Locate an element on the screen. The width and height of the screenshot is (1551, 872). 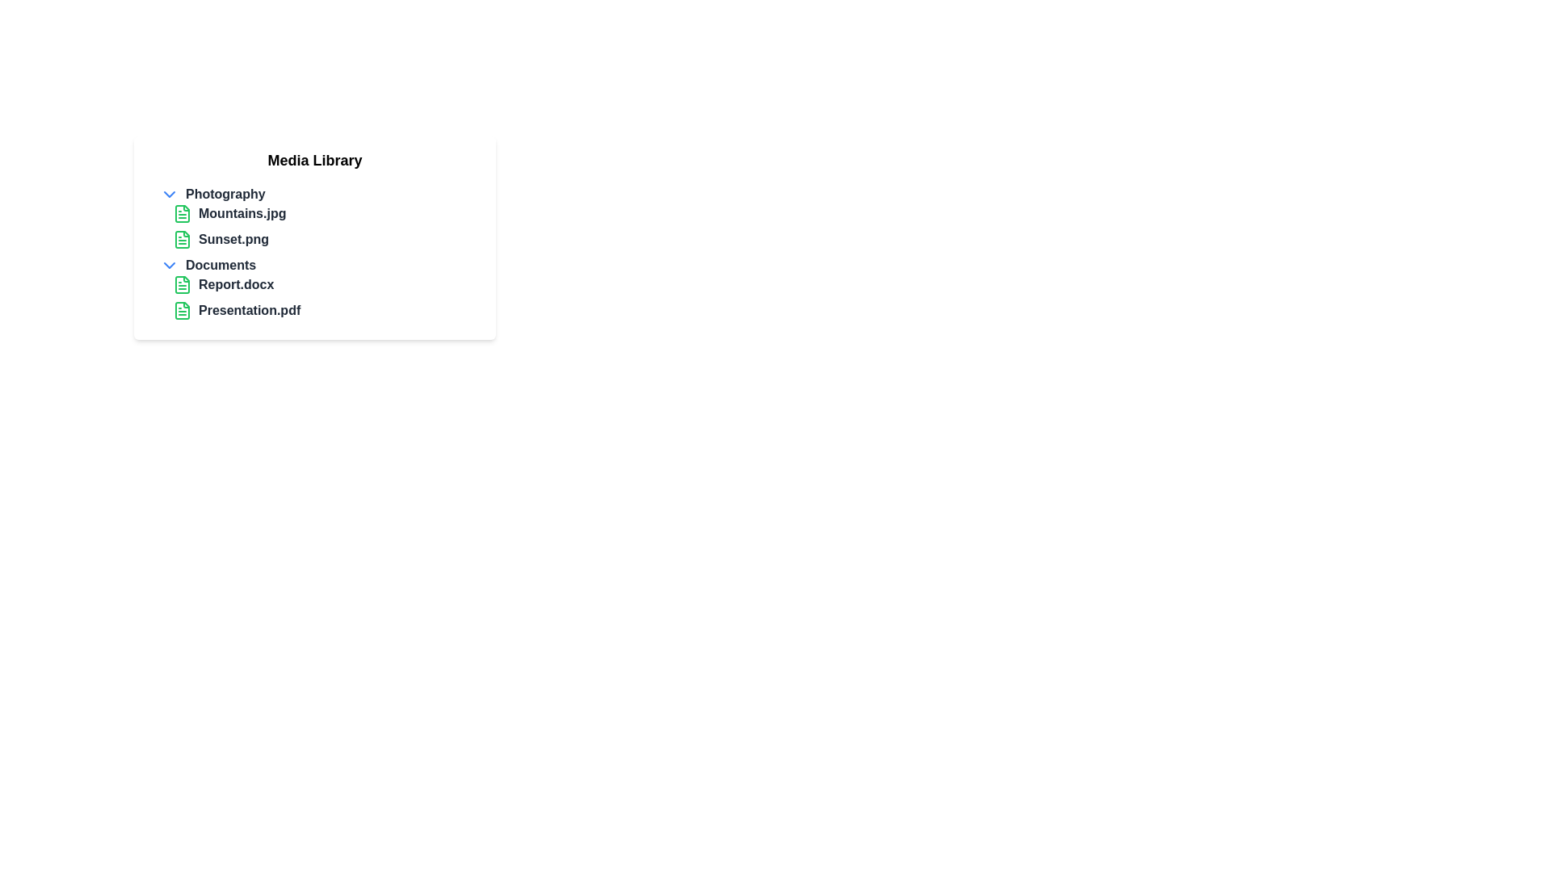
the rectangular document-shaped icon representing 'Report.docx' located in the 'Documents' section of the media library UI, positioned between the 'Documents' label and the 'Presentation.pdf' icon is located at coordinates (182, 284).